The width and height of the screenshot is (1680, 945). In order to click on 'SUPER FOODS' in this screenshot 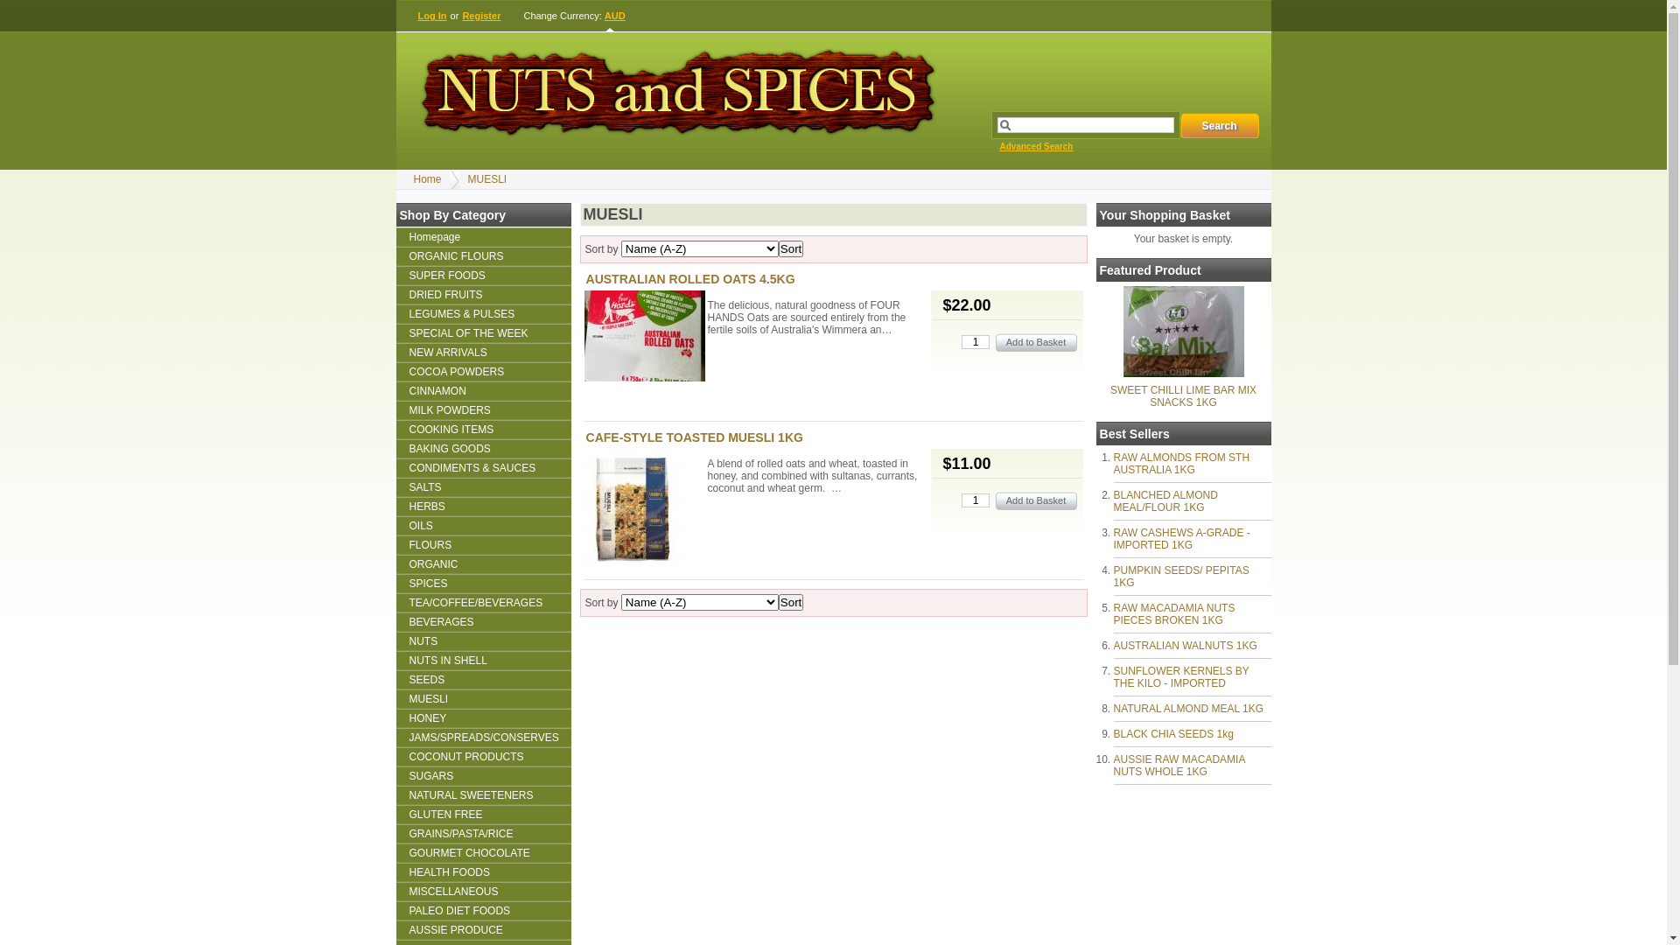, I will do `click(483, 276)`.